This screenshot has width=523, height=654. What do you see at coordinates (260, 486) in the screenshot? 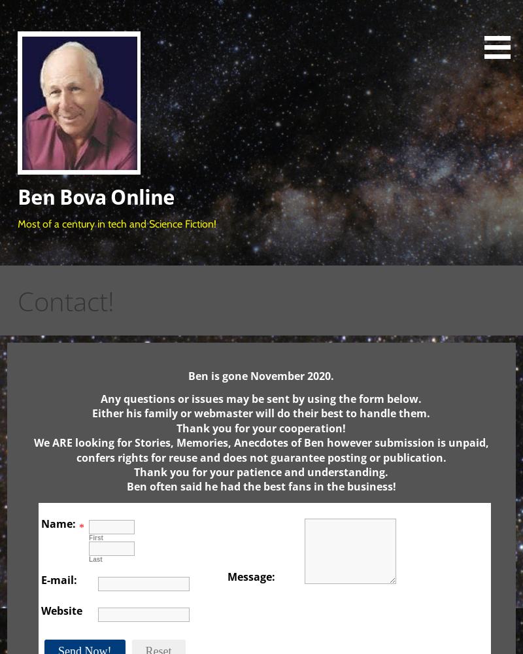
I see `'Ben often said he had the best fans in the business!'` at bounding box center [260, 486].